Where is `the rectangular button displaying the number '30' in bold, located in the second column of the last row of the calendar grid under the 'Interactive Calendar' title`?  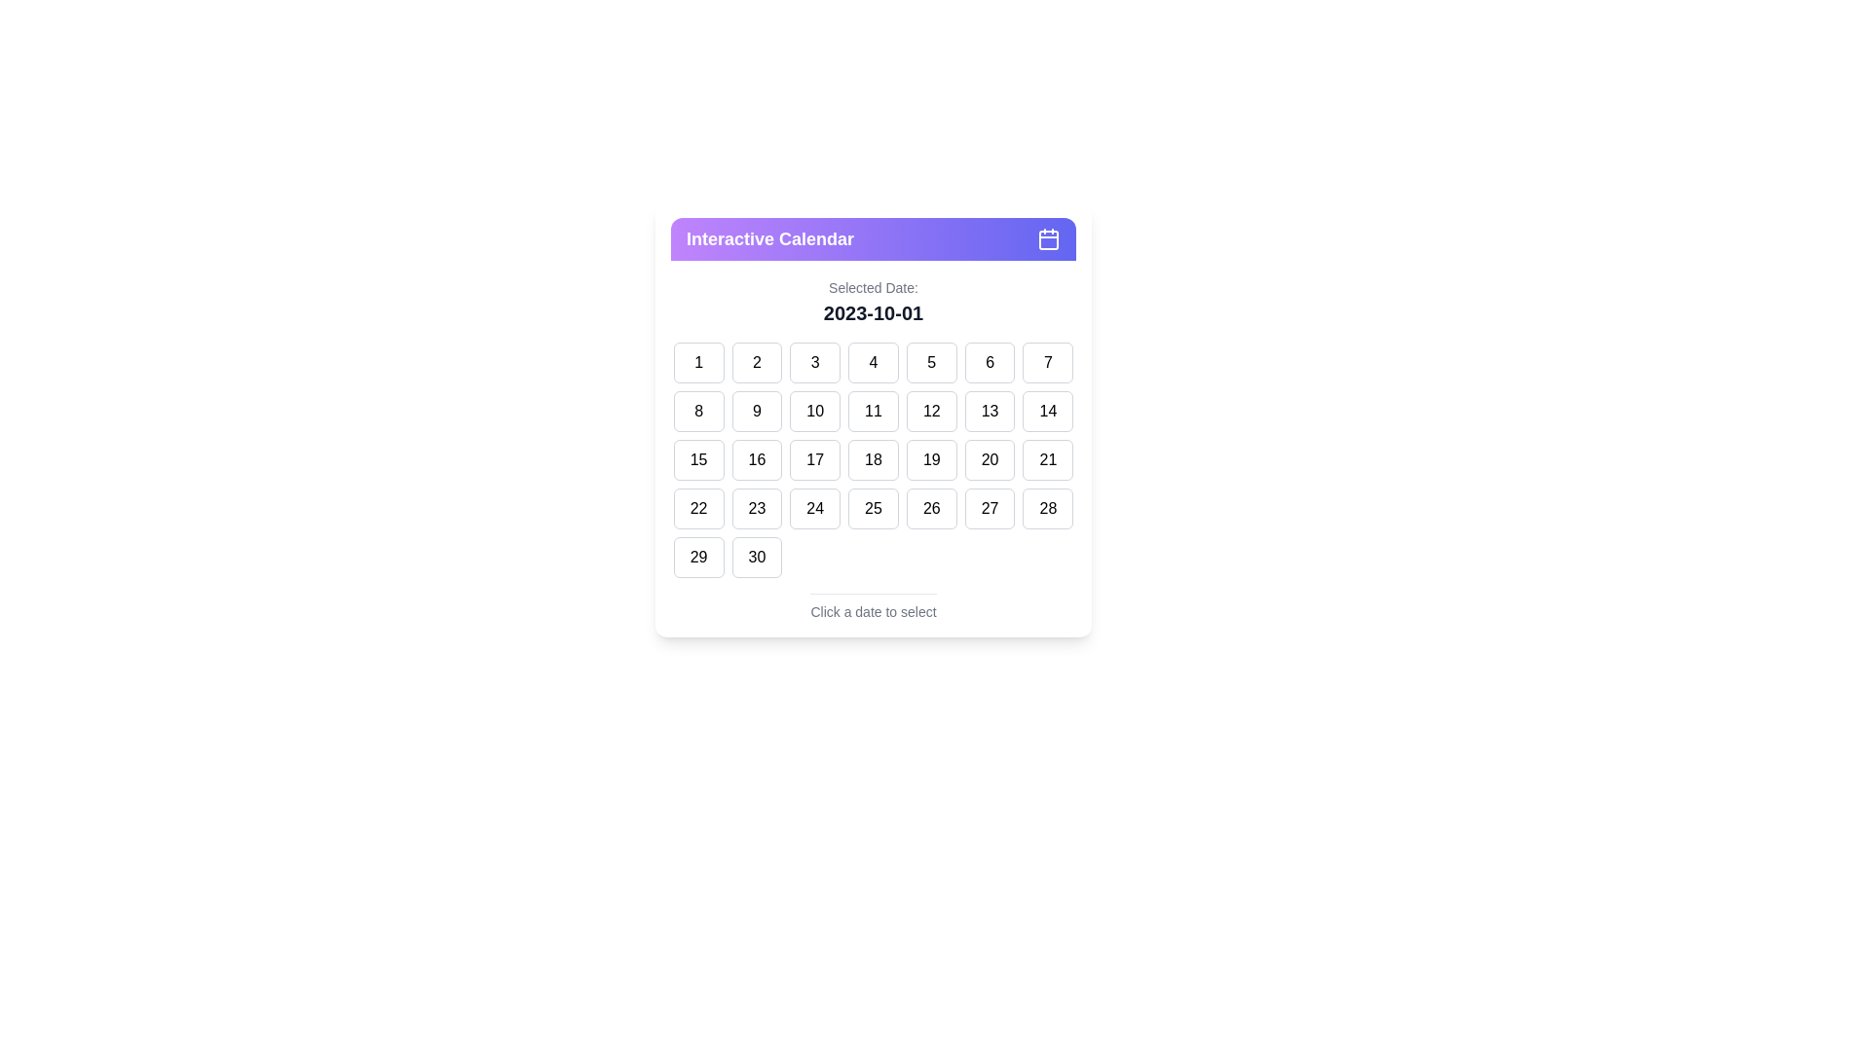 the rectangular button displaying the number '30' in bold, located in the second column of the last row of the calendar grid under the 'Interactive Calendar' title is located at coordinates (756, 558).